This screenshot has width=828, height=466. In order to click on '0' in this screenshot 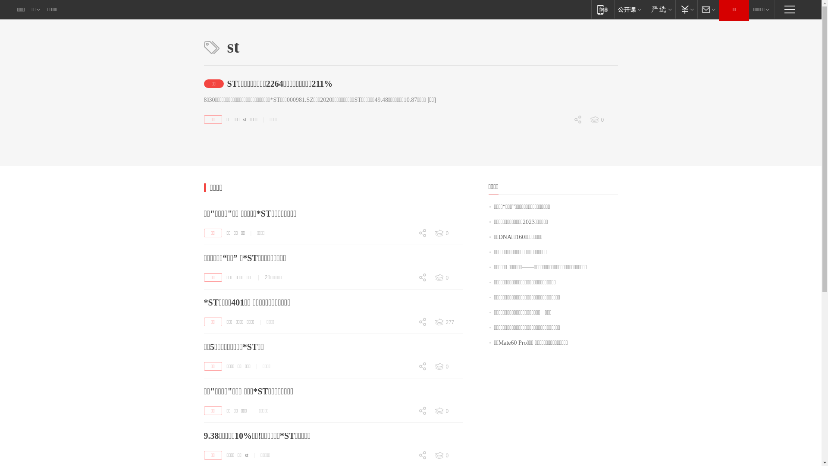, I will do `click(383, 337)`.